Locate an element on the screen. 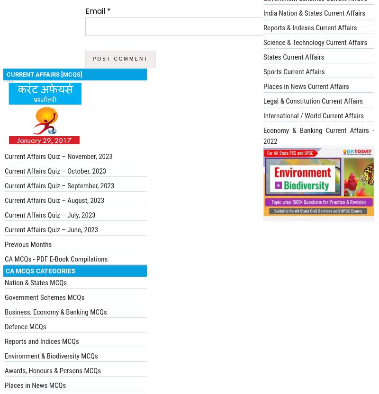 This screenshot has height=394, width=379. 'Reports & Indexes Current Affairs' is located at coordinates (309, 27).